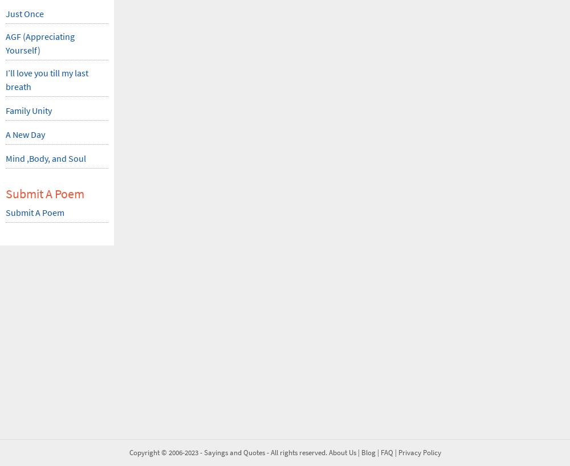 This screenshot has width=570, height=466. I want to click on 'Blog', so click(368, 452).